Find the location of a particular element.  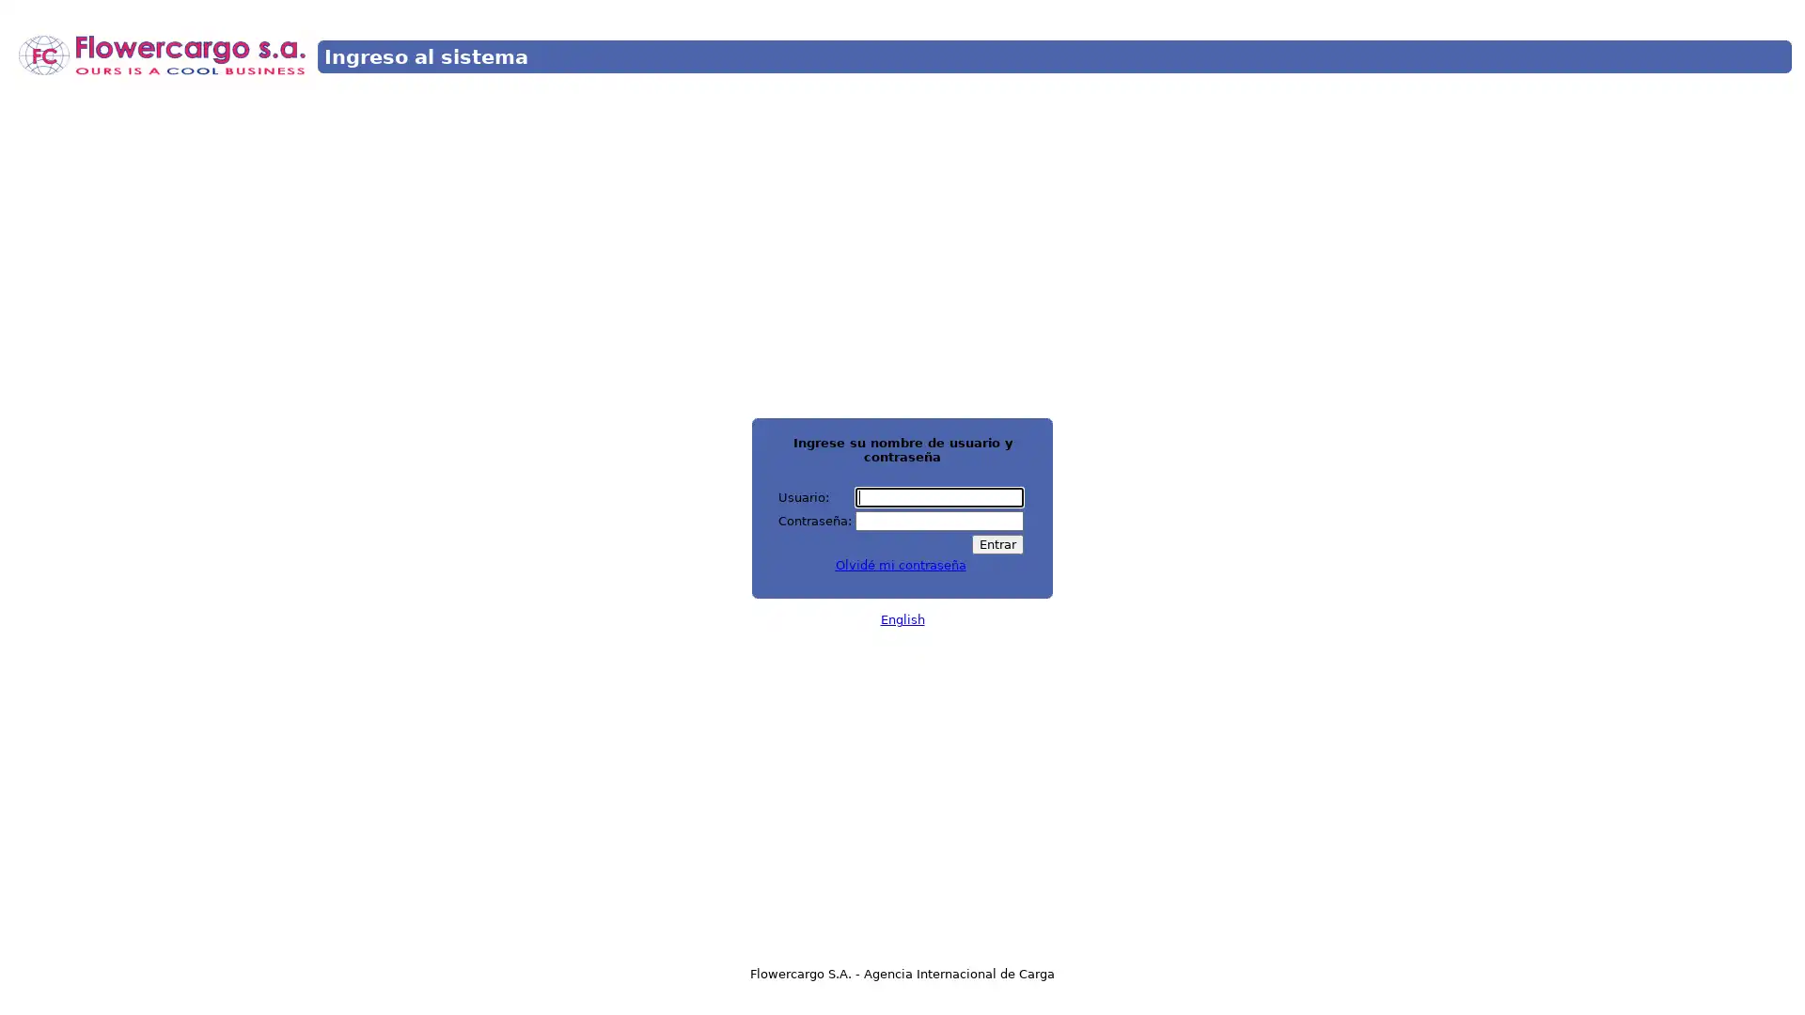

Entrar is located at coordinates (996, 543).